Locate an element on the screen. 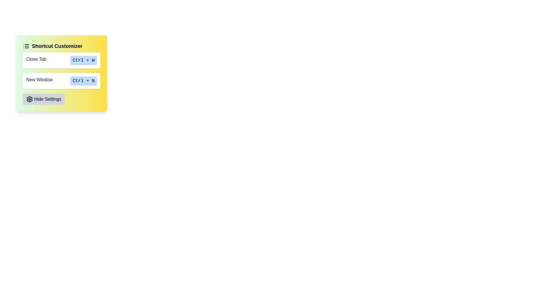  the surrounding elements of the Section containing a list of shortcut instructions located within the 'Shortcut Customizer' section, which is positioned below its title and an icon, and above the 'Hide Settings' button is located at coordinates (62, 70).